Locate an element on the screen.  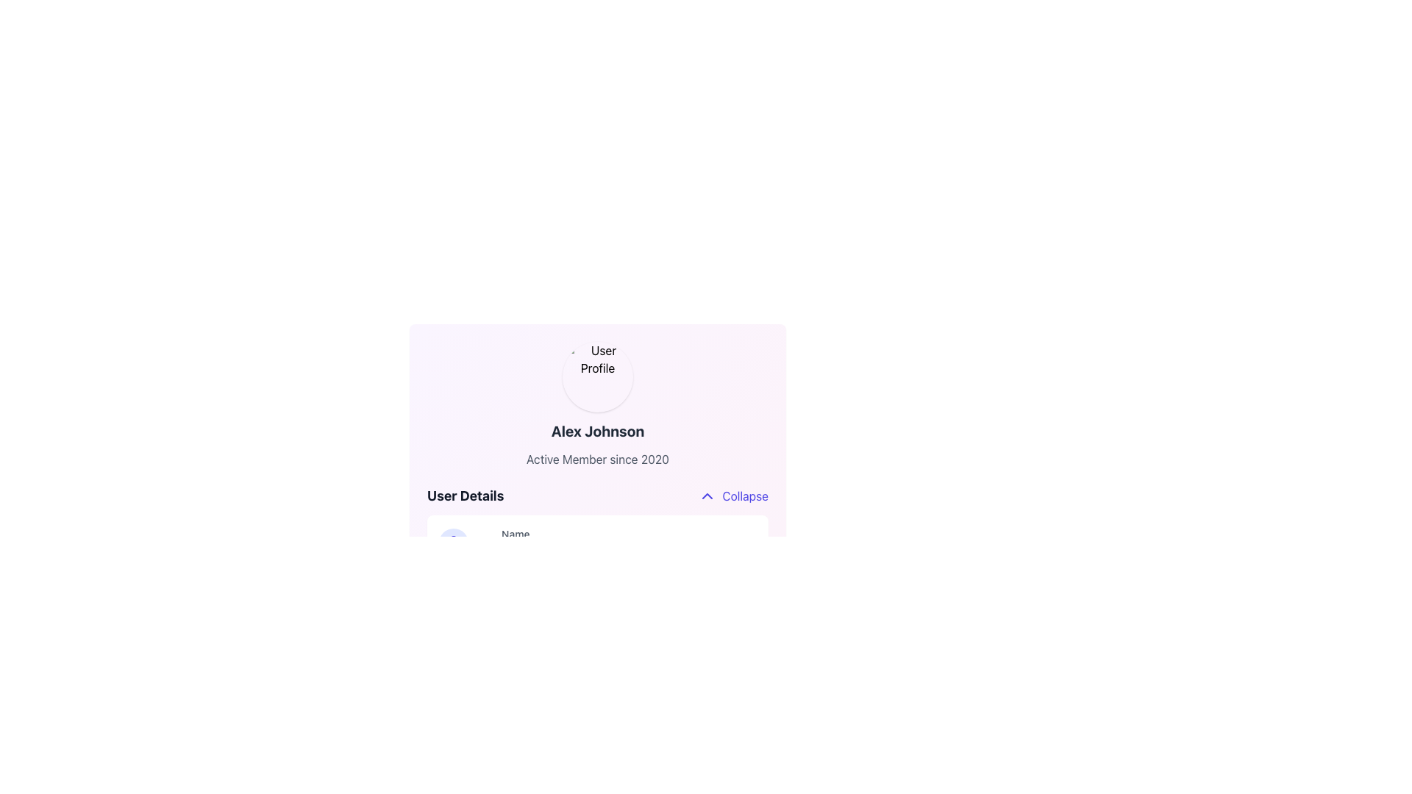
the circular user icon with a semi-transparent indigo background located on the left side of the 'User Details' section, adjacent to the label 'Name' is located at coordinates (453, 543).